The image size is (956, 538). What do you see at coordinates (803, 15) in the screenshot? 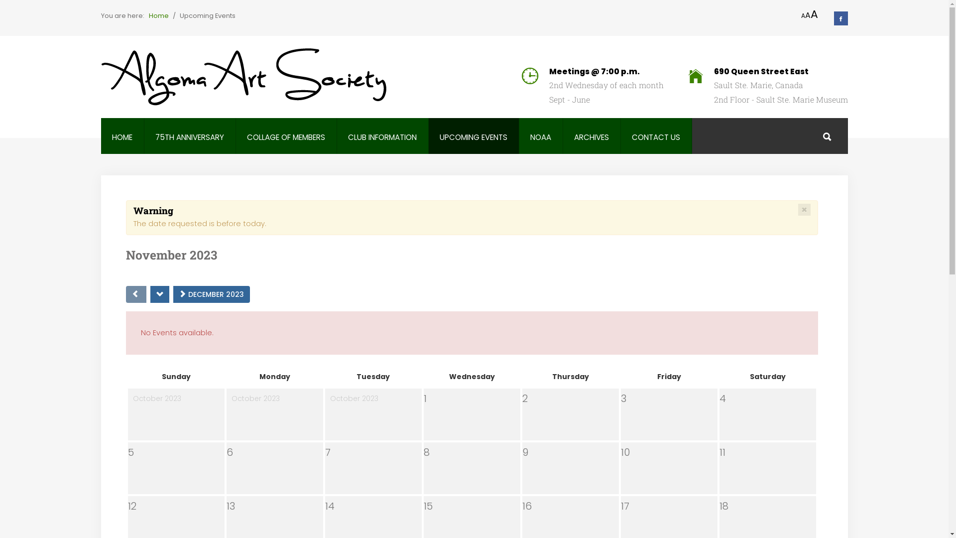
I see `'A'` at bounding box center [803, 15].